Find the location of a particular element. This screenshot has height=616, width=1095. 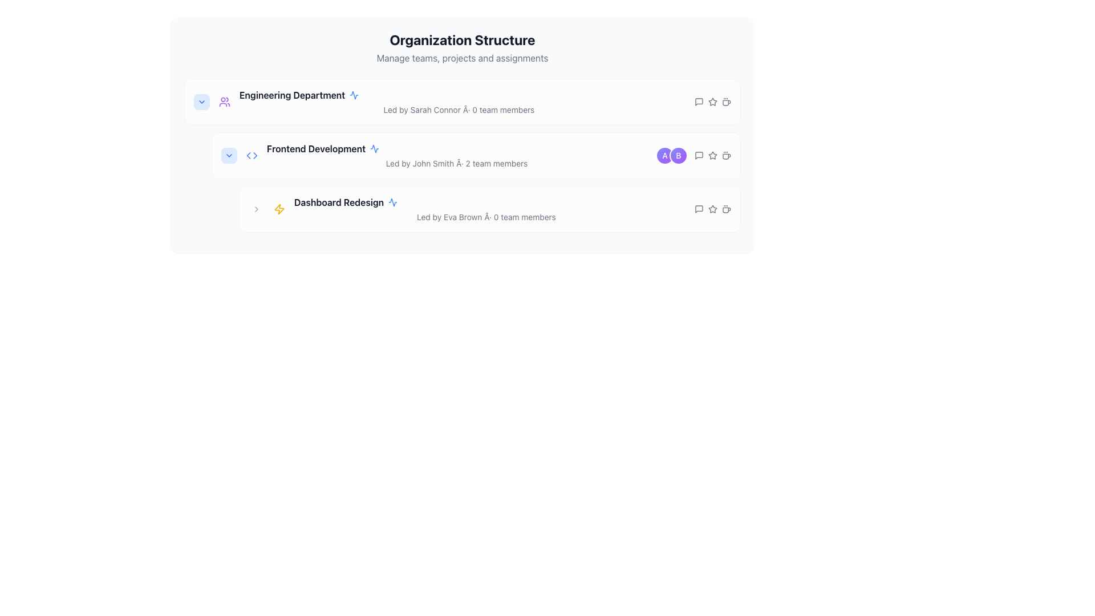

the Avatar group component representing the 'Frontend Development' team to view details is located at coordinates (692, 156).